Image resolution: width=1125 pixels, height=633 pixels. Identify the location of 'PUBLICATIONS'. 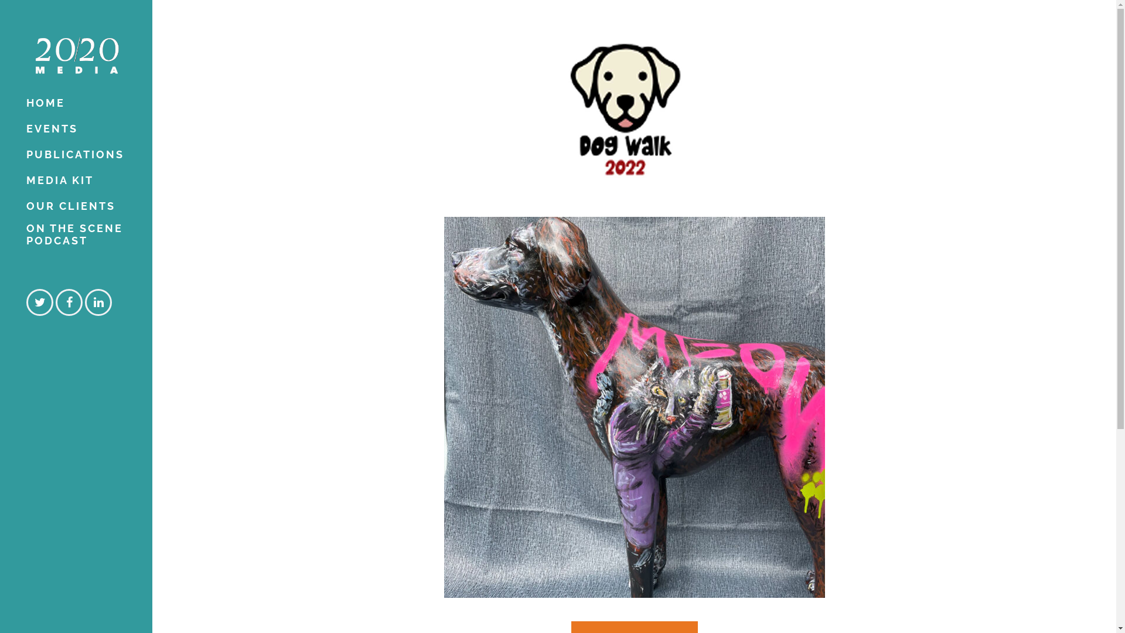
(75, 154).